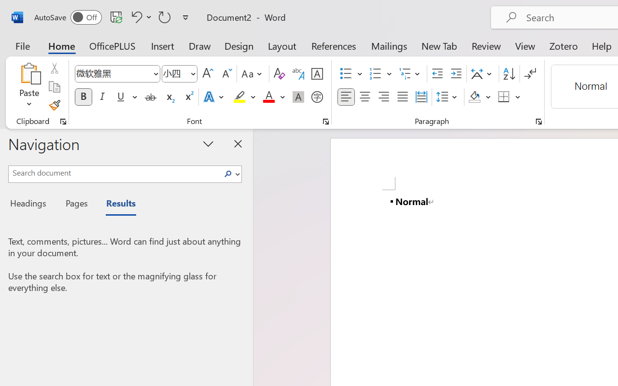 The width and height of the screenshot is (618, 386). What do you see at coordinates (116, 16) in the screenshot?
I see `'Save'` at bounding box center [116, 16].